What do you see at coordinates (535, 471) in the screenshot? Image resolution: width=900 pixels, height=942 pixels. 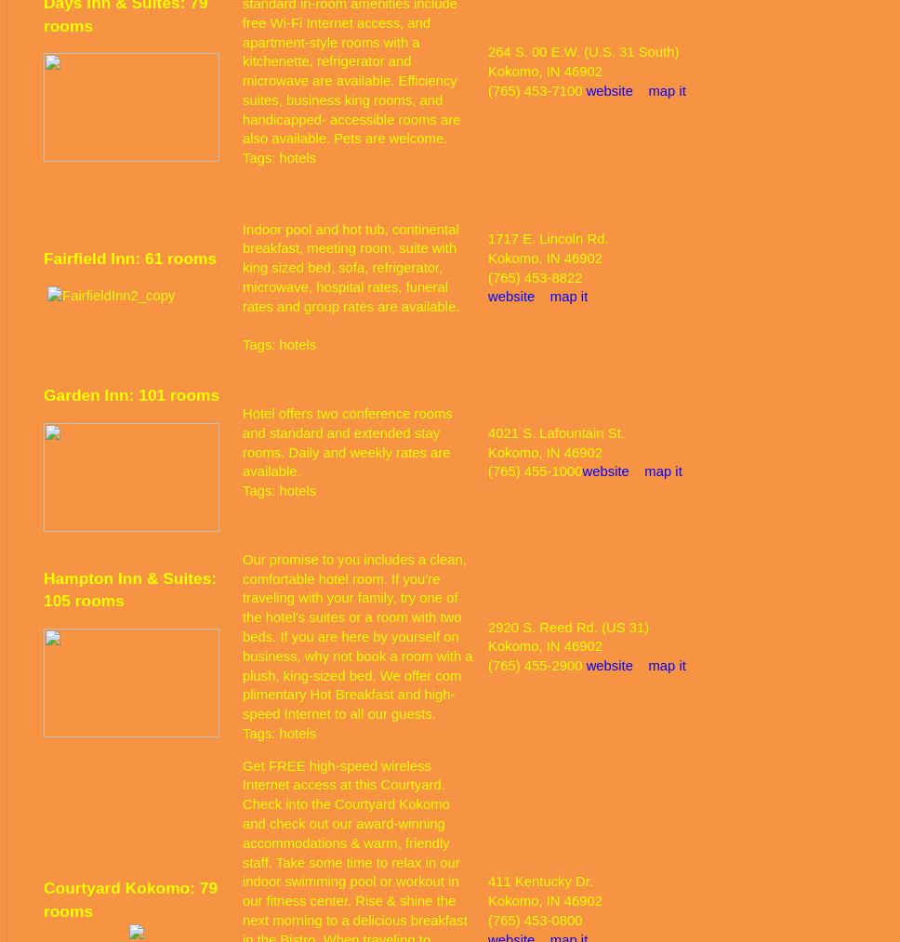 I see `'(765) 455-1000'` at bounding box center [535, 471].